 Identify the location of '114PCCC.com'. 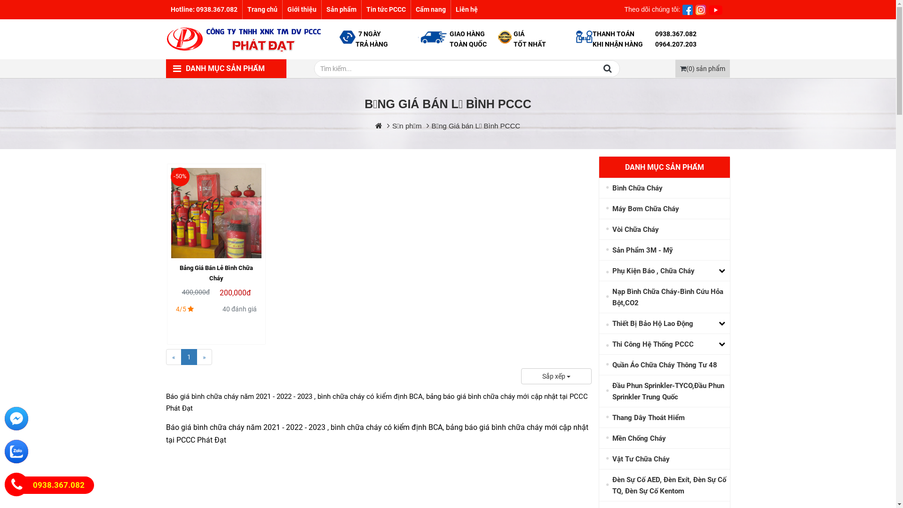
(244, 39).